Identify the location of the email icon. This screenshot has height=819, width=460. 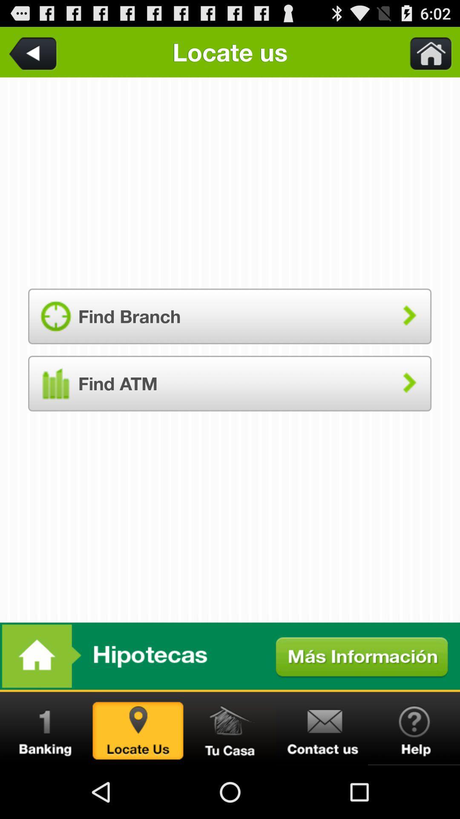
(322, 780).